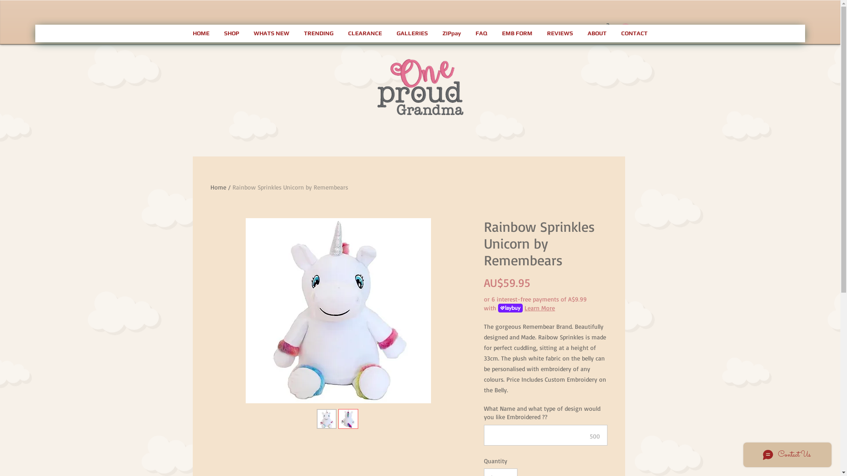  Describe the element at coordinates (318, 33) in the screenshot. I see `'TRENDING'` at that location.